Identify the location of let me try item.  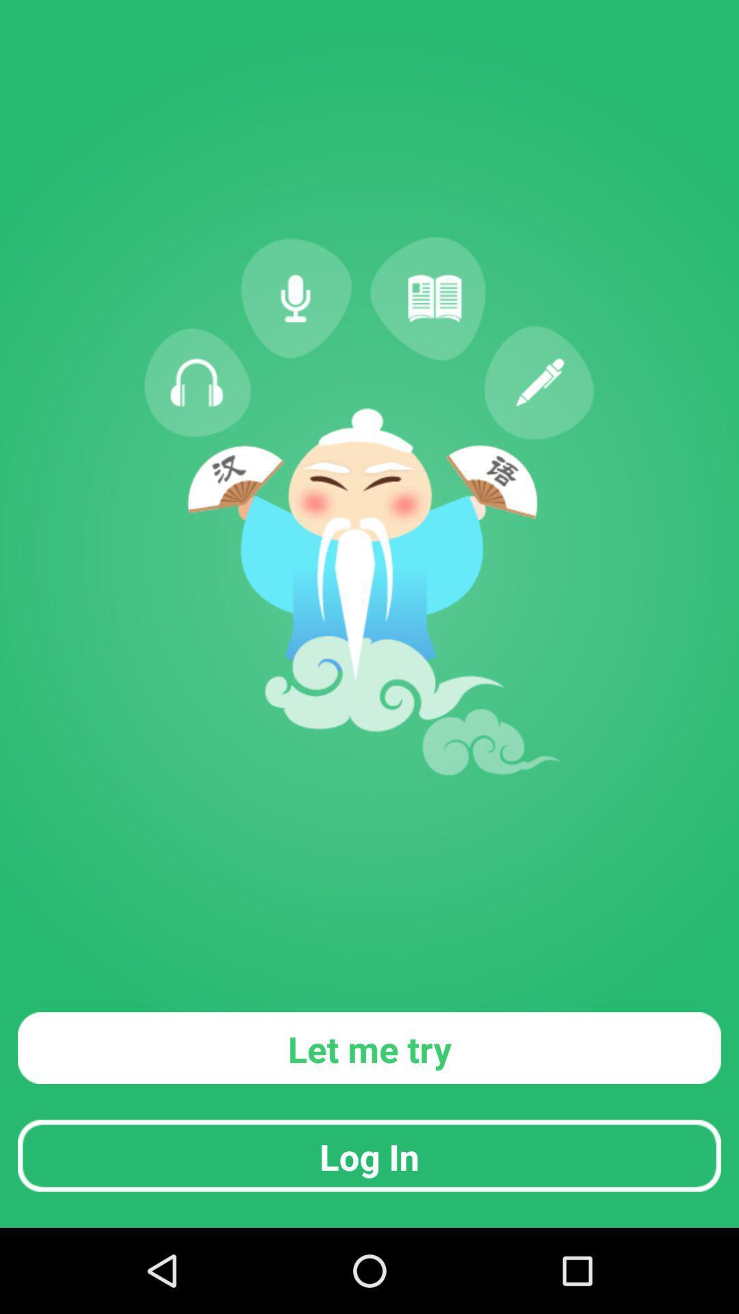
(369, 1047).